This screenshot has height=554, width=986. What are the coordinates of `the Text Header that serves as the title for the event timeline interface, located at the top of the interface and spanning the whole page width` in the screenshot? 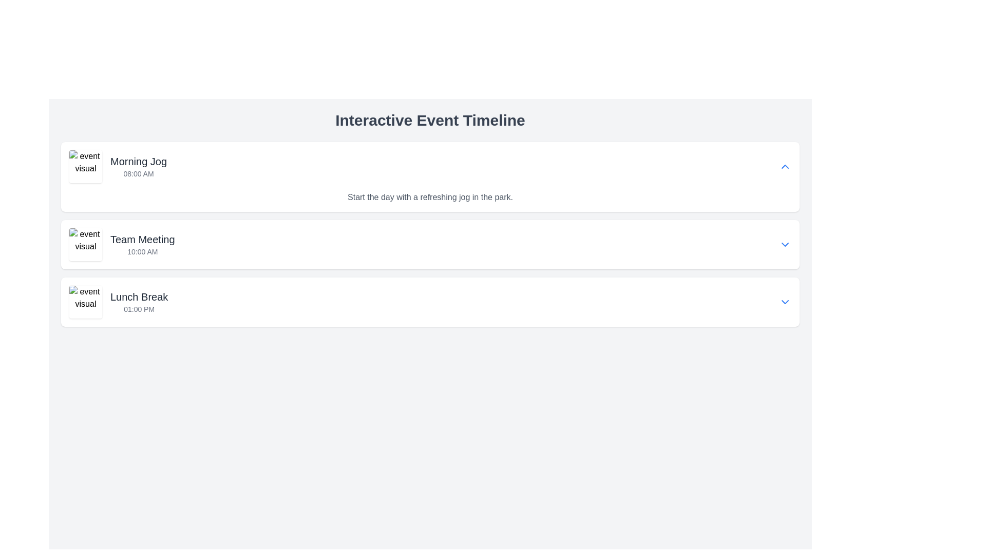 It's located at (430, 120).